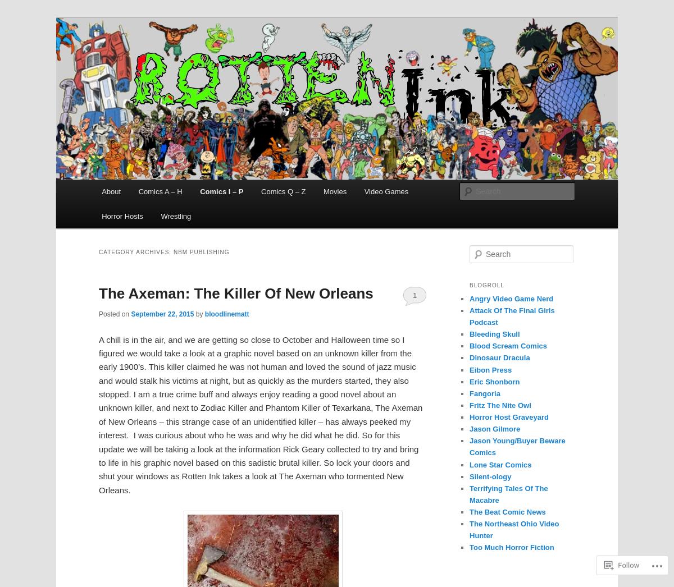  I want to click on 'Silent-ology', so click(490, 475).